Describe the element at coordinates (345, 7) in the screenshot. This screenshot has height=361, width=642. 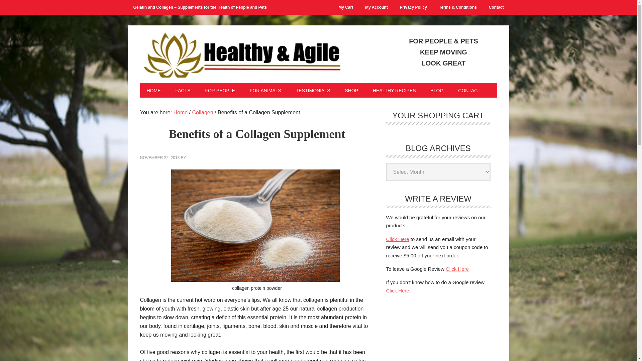
I see `'My Cart'` at that location.